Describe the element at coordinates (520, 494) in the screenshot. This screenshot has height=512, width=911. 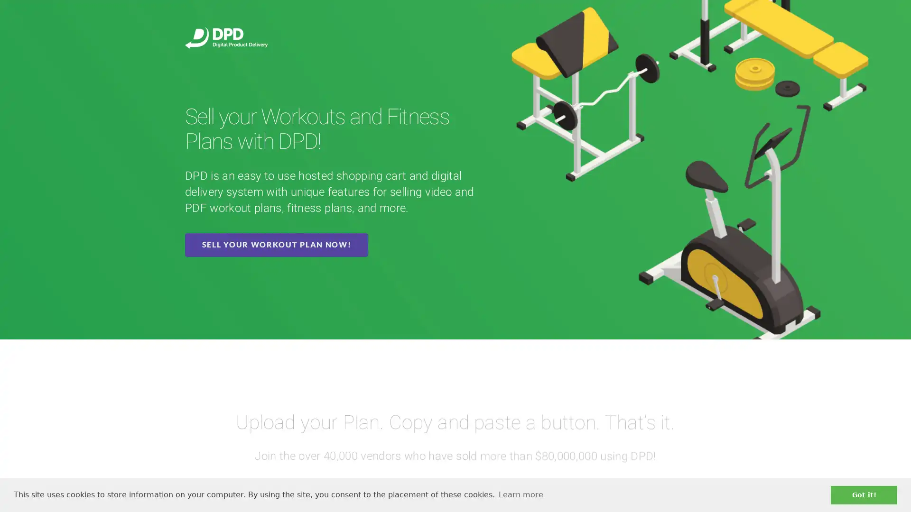
I see `learn more about cookies` at that location.